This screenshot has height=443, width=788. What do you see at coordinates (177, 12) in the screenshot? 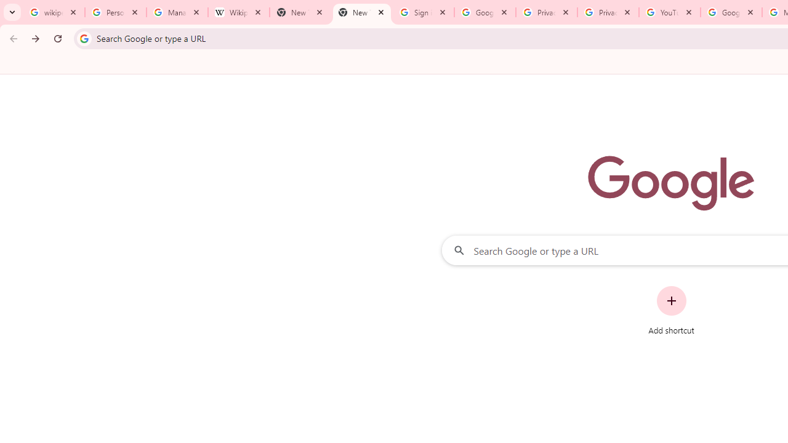
I see `'Manage your Location History - Google Search Help'` at bounding box center [177, 12].